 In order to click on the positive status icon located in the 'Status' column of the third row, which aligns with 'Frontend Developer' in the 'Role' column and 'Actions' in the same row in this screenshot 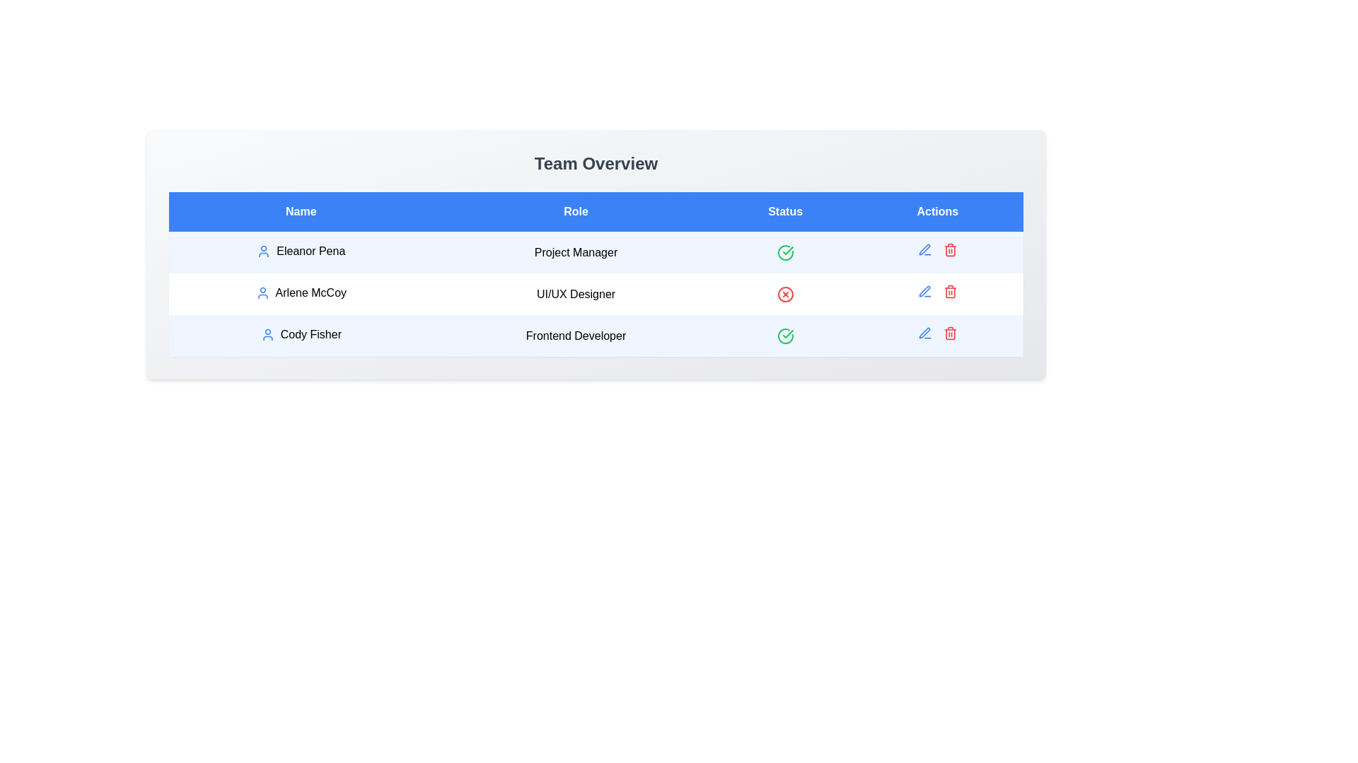, I will do `click(784, 336)`.